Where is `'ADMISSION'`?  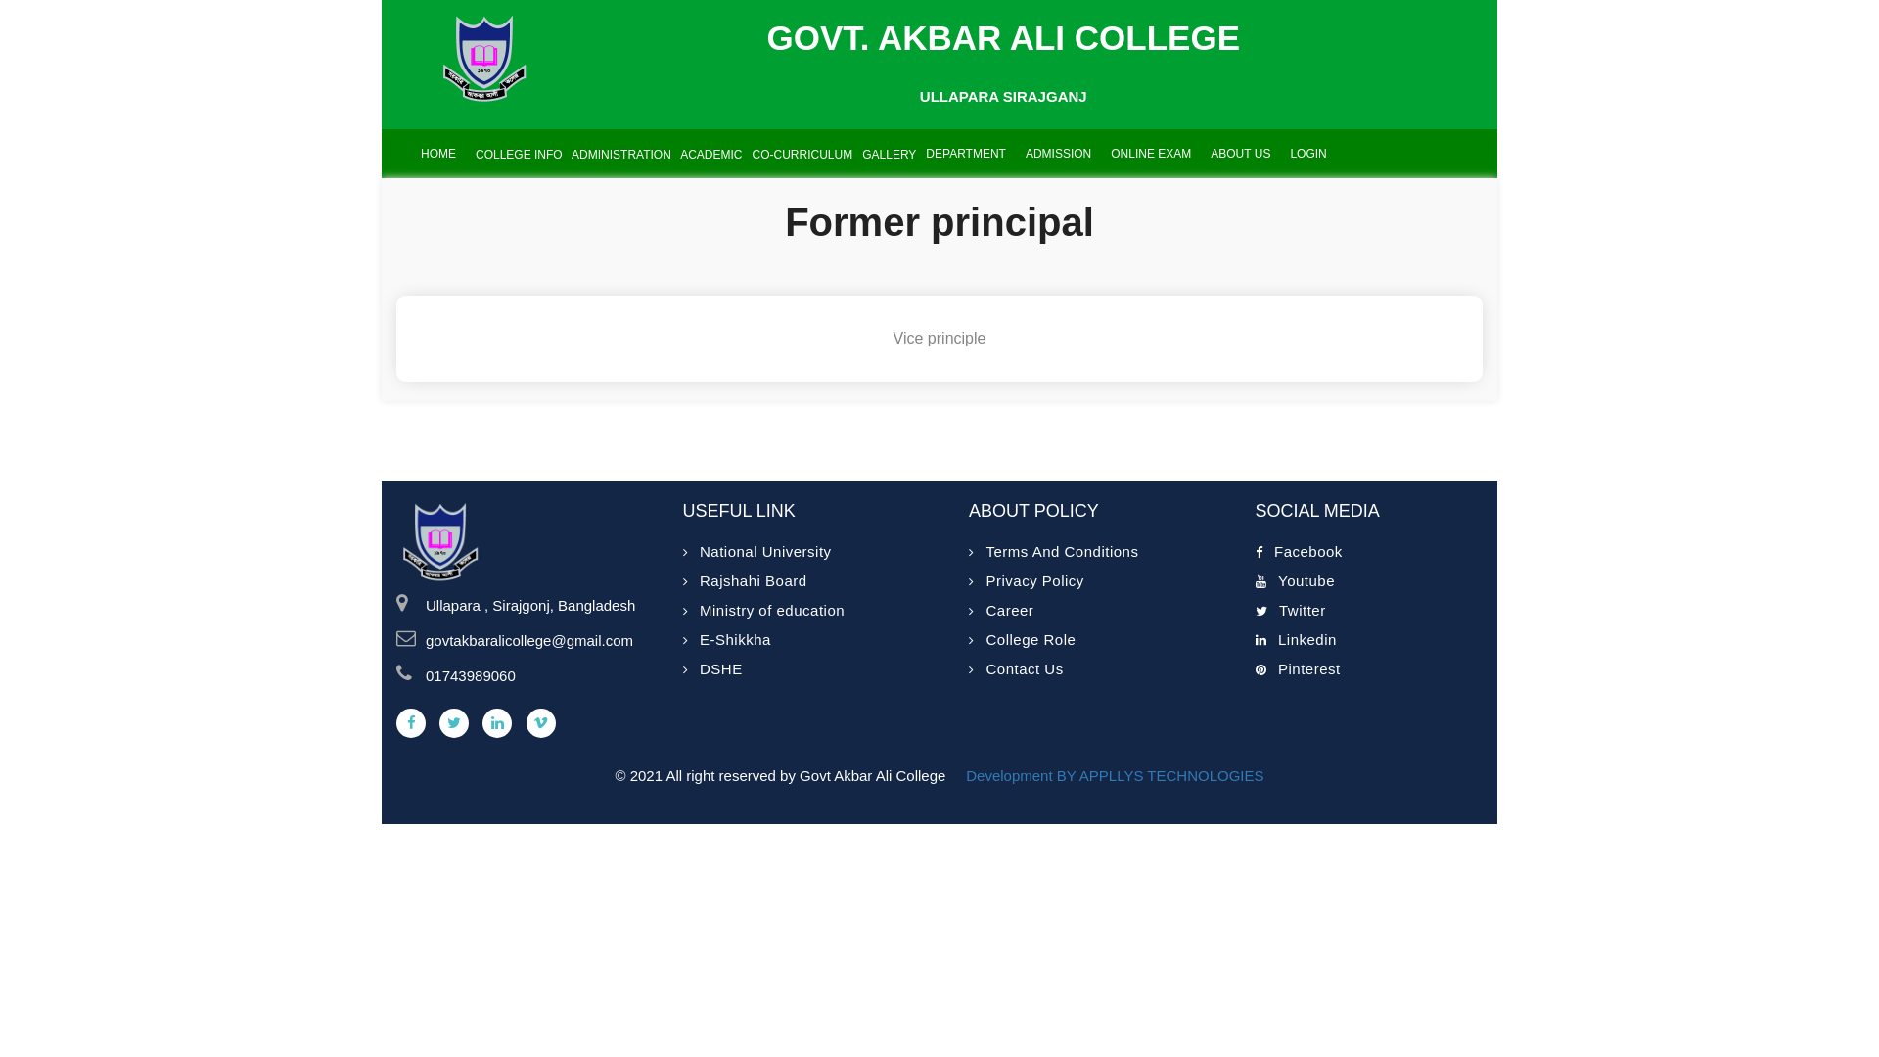
'ADMISSION' is located at coordinates (1057, 153).